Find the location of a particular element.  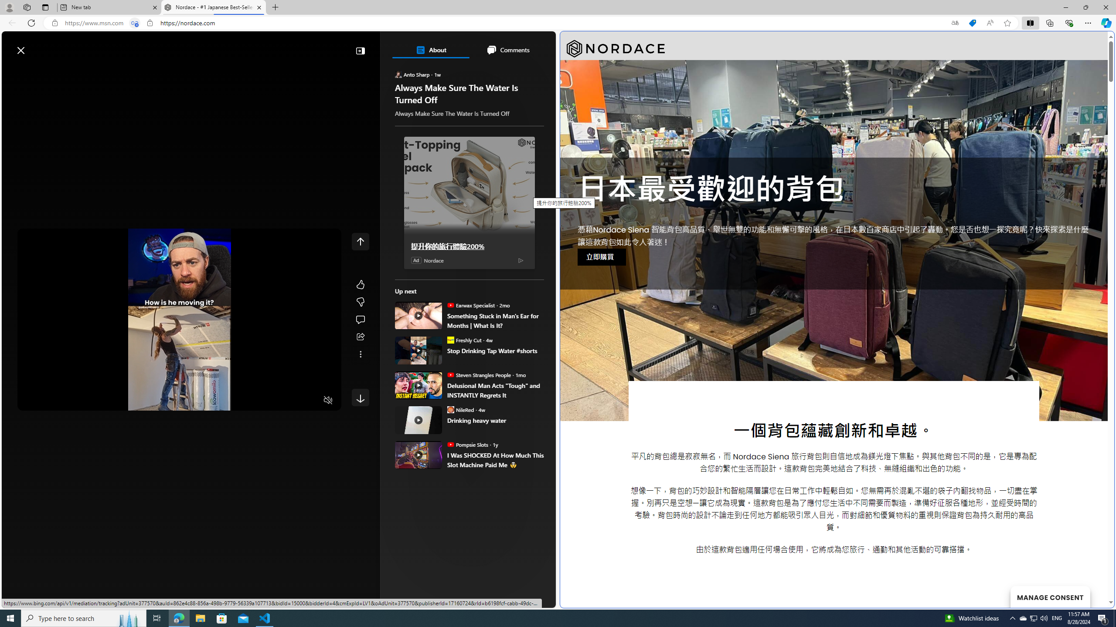

'This site has coupons! Shopping in Microsoft Edge' is located at coordinates (972, 23).